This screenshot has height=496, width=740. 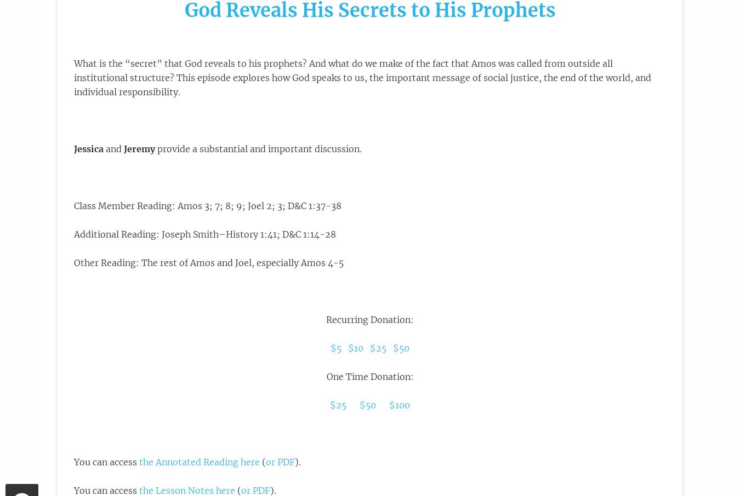 I want to click on 'You can access', so click(x=106, y=462).